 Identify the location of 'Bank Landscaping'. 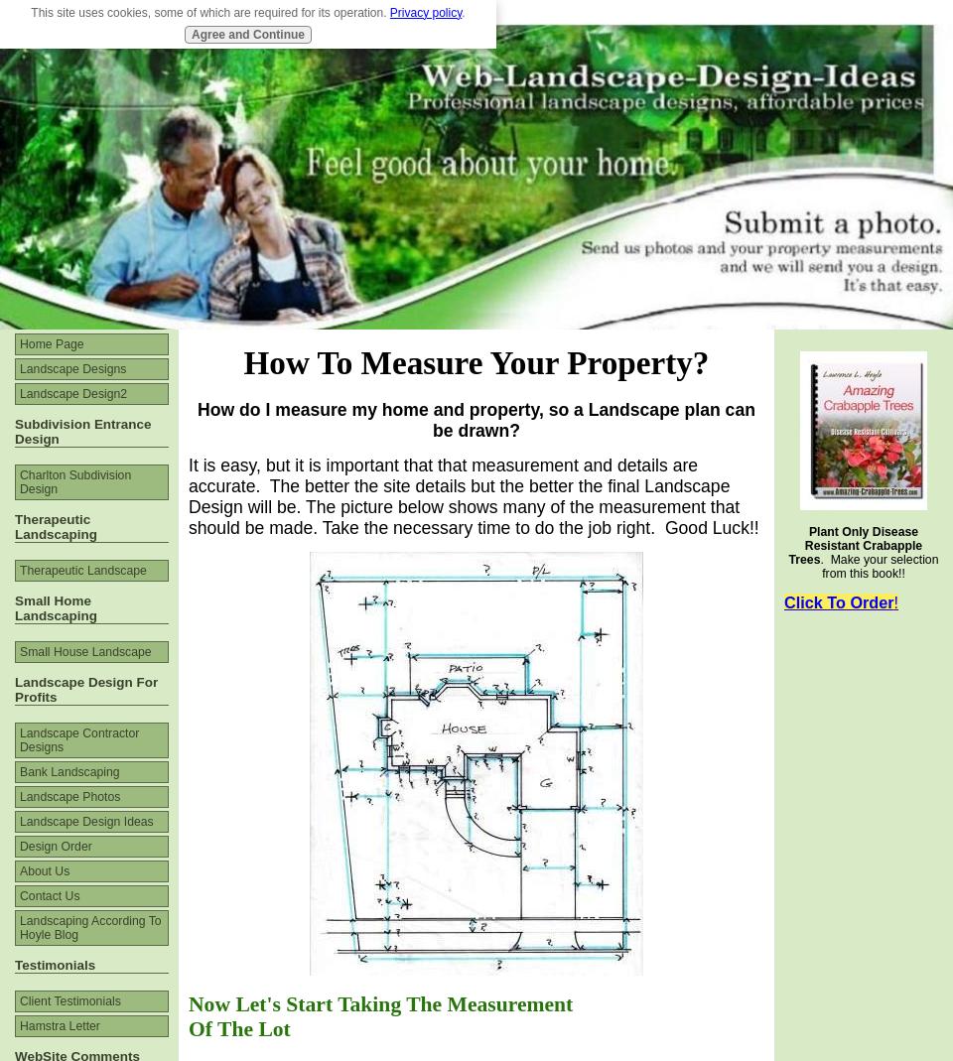
(18, 772).